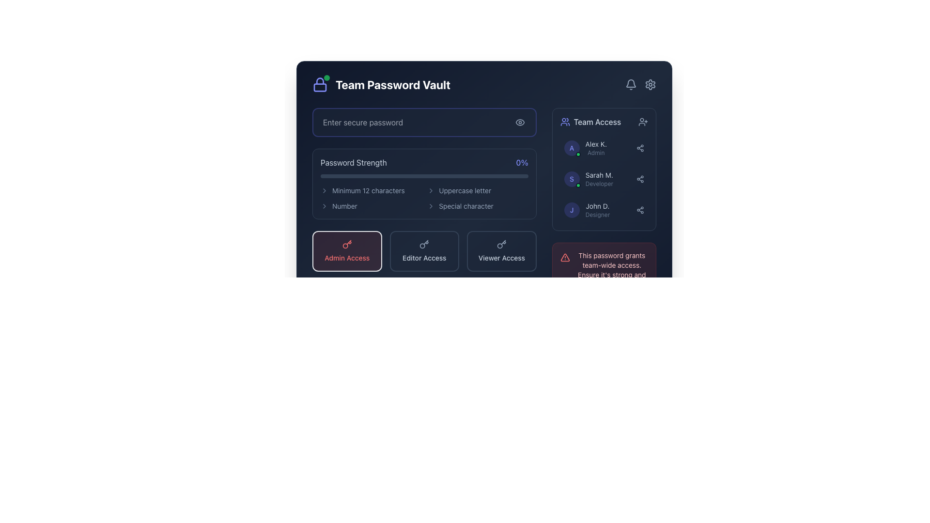 Image resolution: width=930 pixels, height=523 pixels. What do you see at coordinates (501, 251) in the screenshot?
I see `the 'Viewer Access' label with the key-shaped icon, which is the third item in a group of access options` at bounding box center [501, 251].